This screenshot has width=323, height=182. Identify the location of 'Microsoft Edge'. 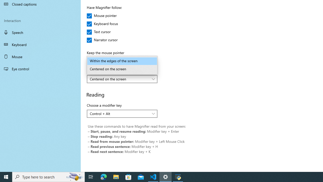
(103, 176).